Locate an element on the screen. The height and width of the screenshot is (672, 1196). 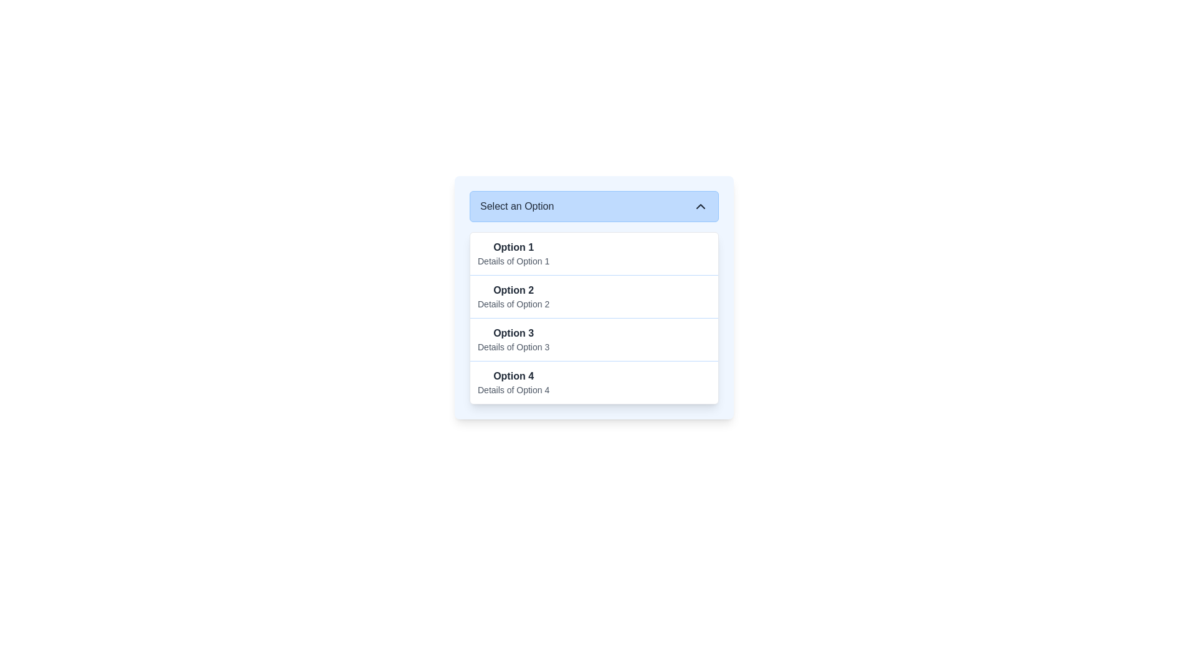
the text label reading 'Details of Option 4', which is styled in a smaller font size and lighter gray color, located directly below the main label 'Option 4' in the dropdown menu is located at coordinates (513, 390).